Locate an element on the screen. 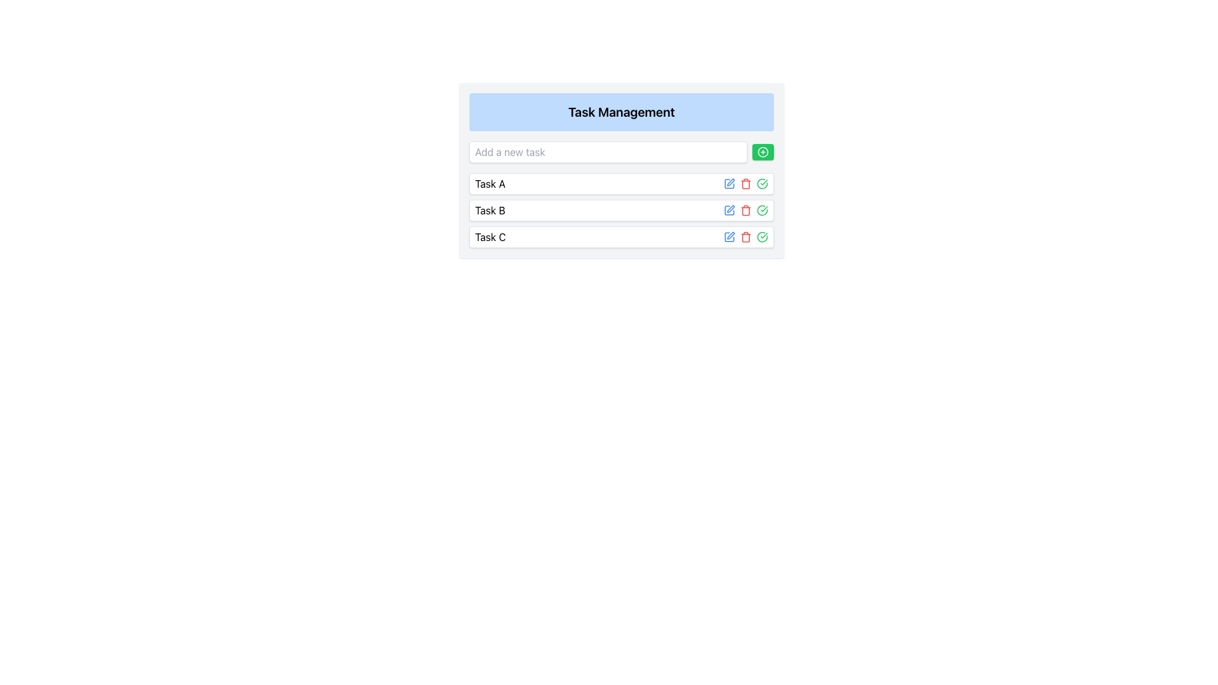 Image resolution: width=1218 pixels, height=685 pixels. the red-colored trash icon button located on the row labeled 'Task A' to initiate deletion of the task is located at coordinates (746, 183).